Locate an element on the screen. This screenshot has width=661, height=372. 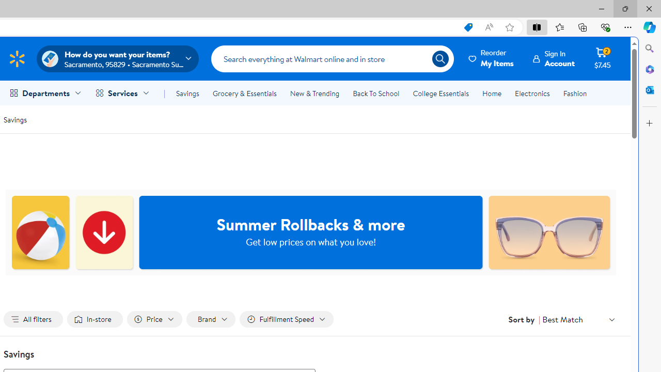
'New & Trending' is located at coordinates (314, 94).